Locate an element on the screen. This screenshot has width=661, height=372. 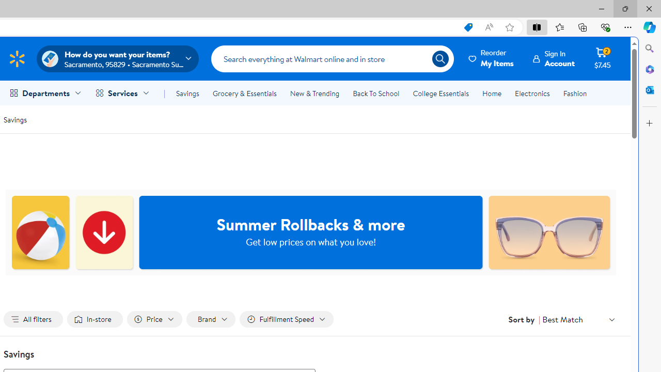
'New & Trending' is located at coordinates (314, 94).